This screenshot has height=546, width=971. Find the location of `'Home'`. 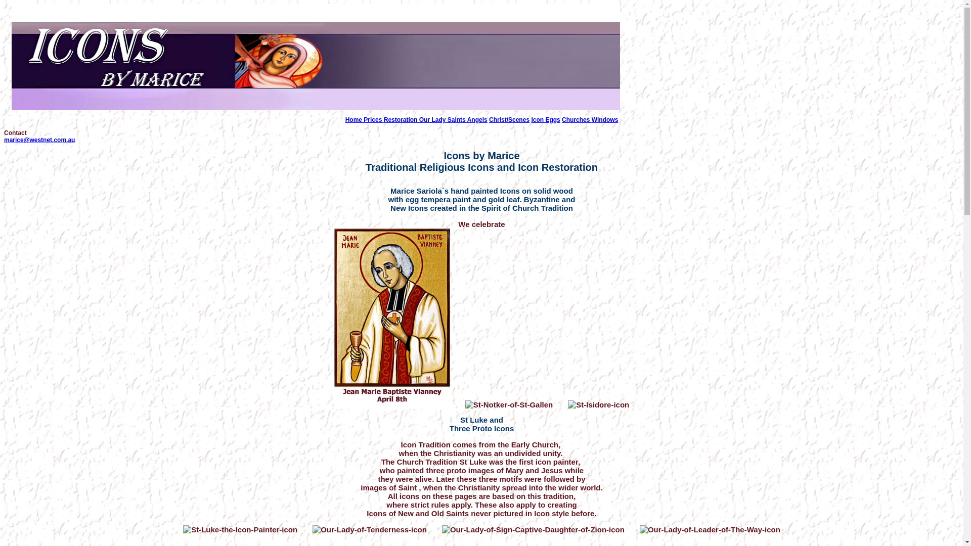

'Home' is located at coordinates (345, 119).